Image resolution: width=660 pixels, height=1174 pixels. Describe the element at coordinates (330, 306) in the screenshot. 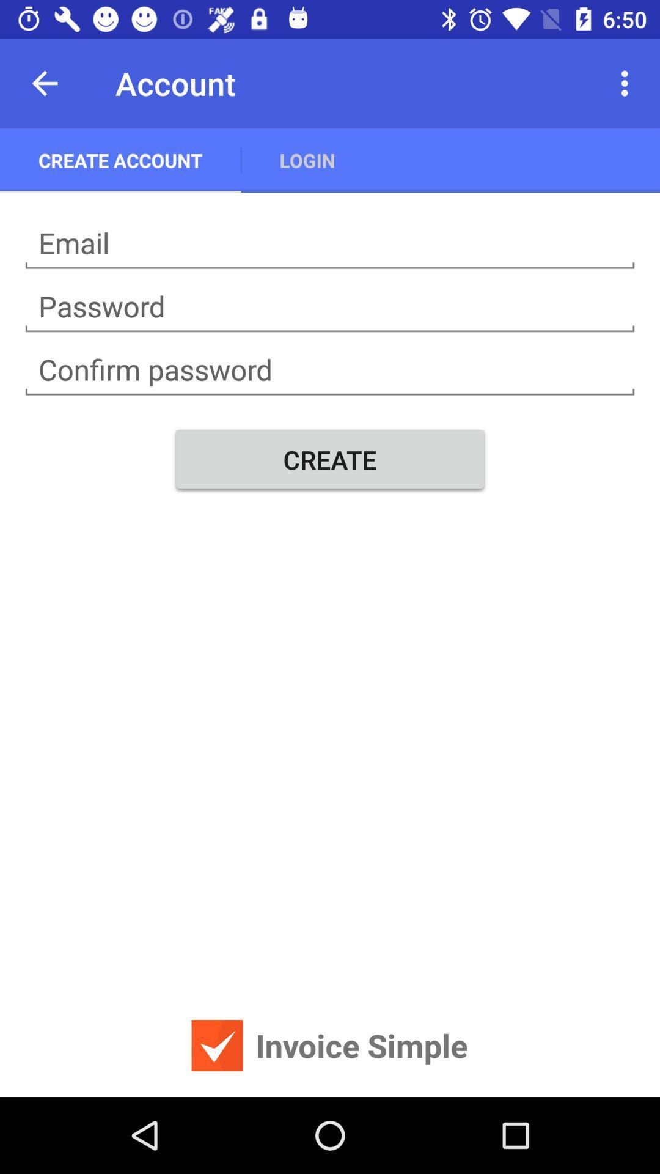

I see `password` at that location.